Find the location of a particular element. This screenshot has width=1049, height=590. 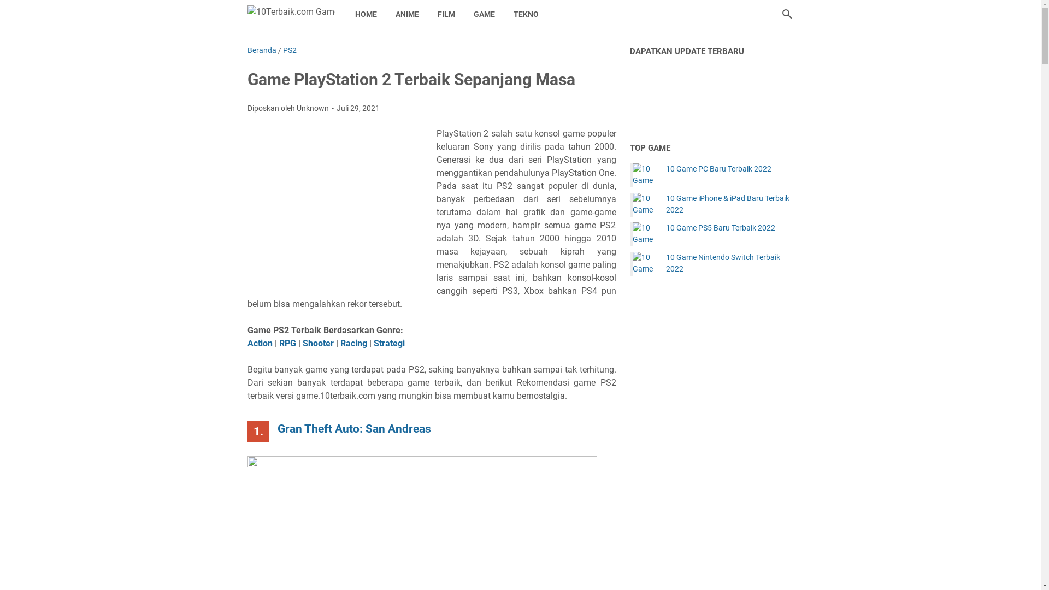

'RPG' is located at coordinates (287, 343).